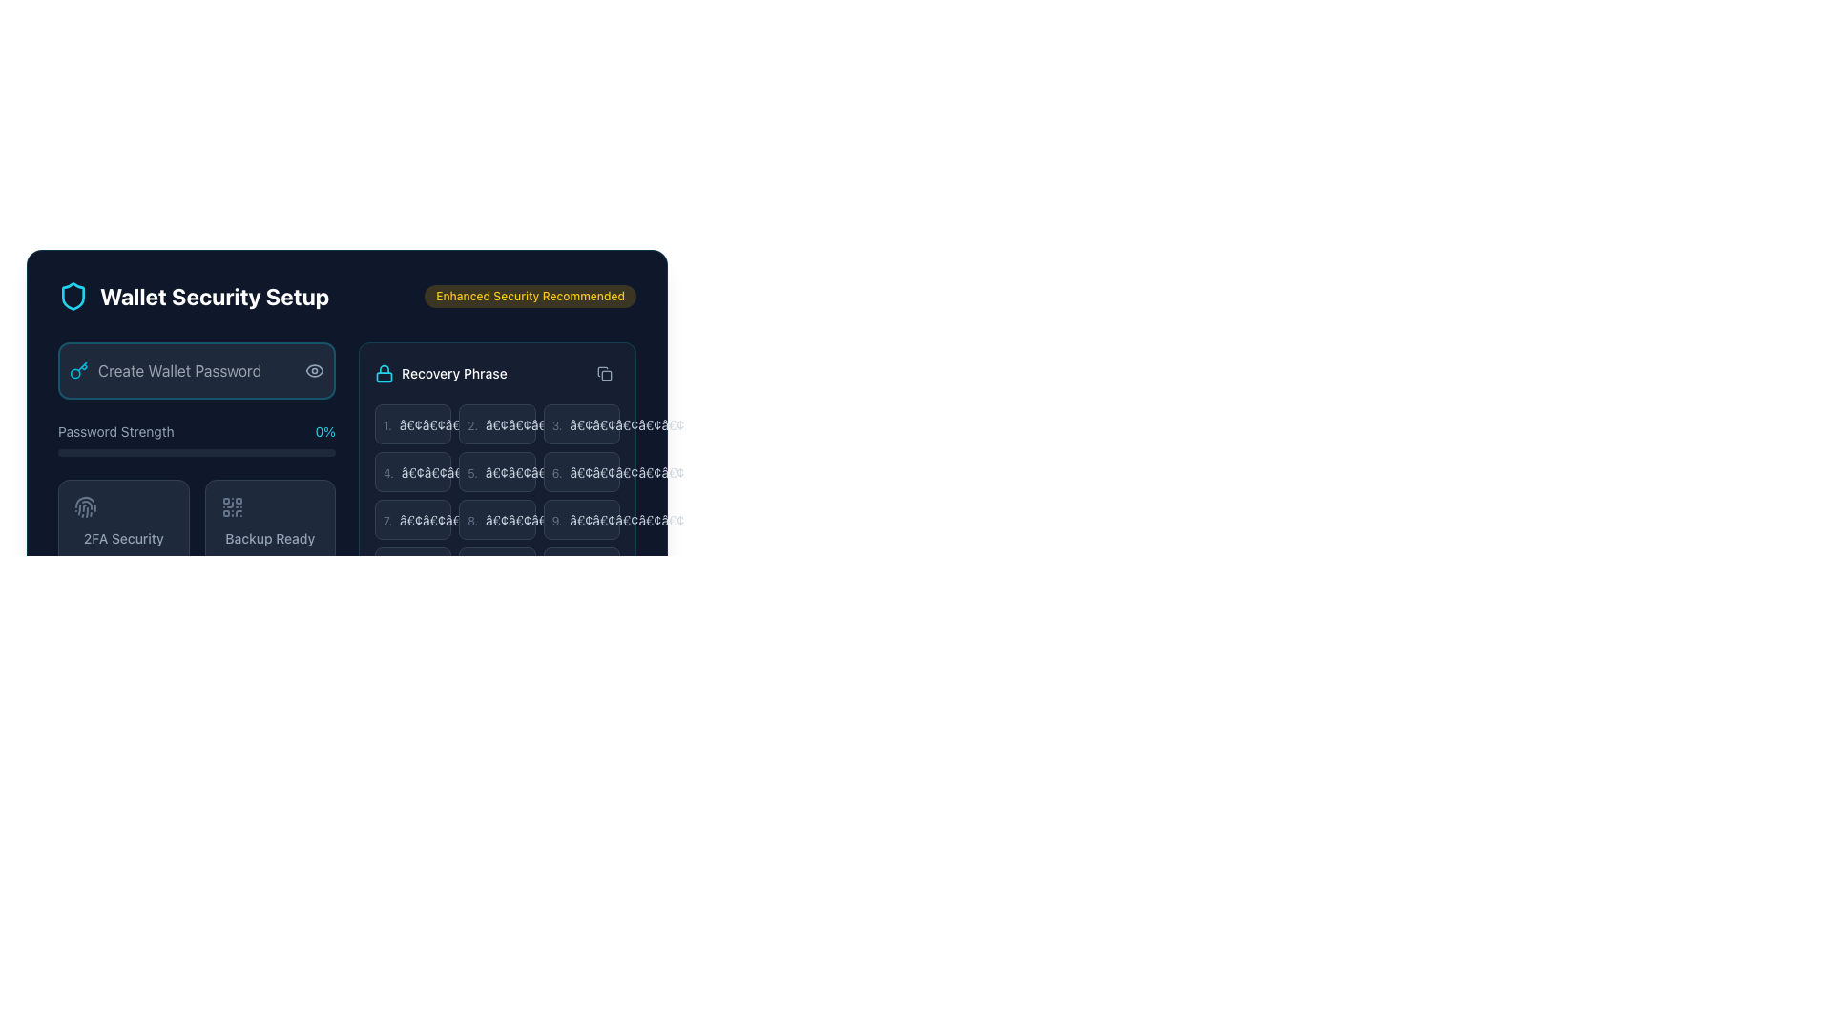 The image size is (1832, 1030). I want to click on recovery phrase contained within the Text Display Box, which has a dark background and numbered bullet points, located in the recovery phrase section, so click(497, 525).